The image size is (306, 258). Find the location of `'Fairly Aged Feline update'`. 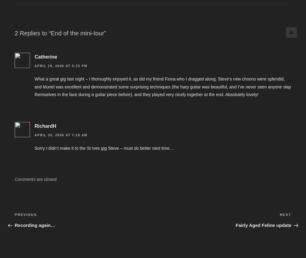

'Fairly Aged Feline update' is located at coordinates (263, 225).